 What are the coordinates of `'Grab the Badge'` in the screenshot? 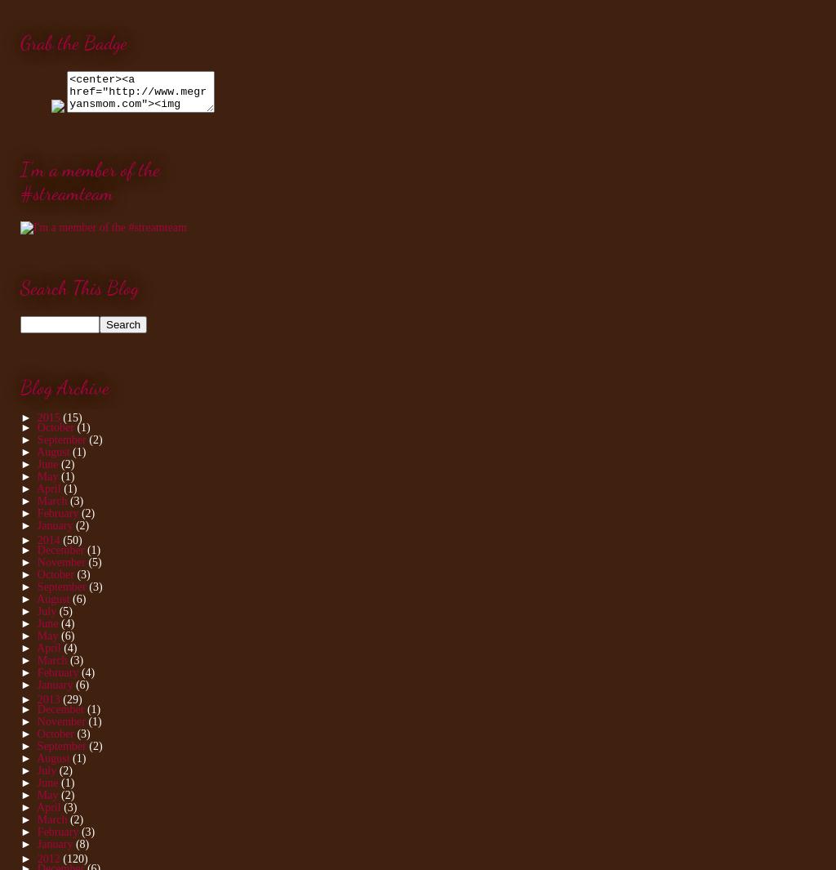 It's located at (73, 41).